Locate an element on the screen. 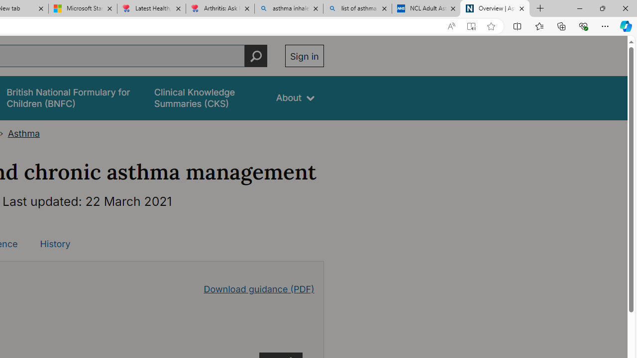  'NCL Adult Asthma Inhaler Choice Guideline' is located at coordinates (426, 8).